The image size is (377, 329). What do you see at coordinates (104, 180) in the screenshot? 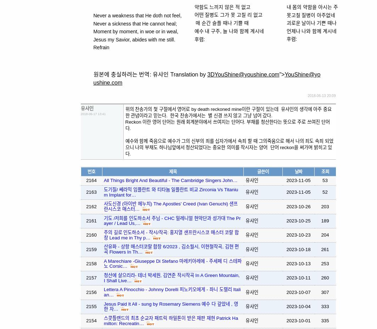
I see `'All Things Bright And Beautiful - The Cambridge Singers John…'` at bounding box center [104, 180].